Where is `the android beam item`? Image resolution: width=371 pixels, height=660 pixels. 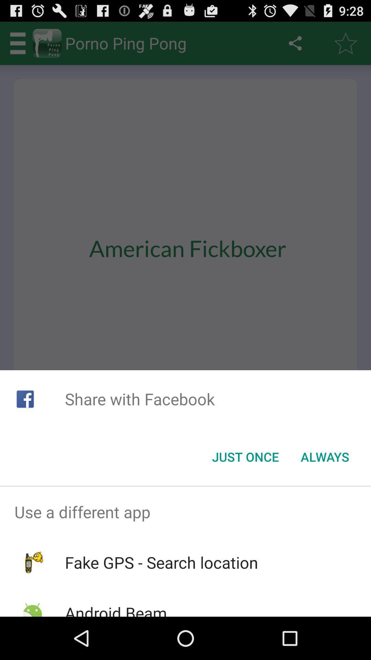 the android beam item is located at coordinates (115, 609).